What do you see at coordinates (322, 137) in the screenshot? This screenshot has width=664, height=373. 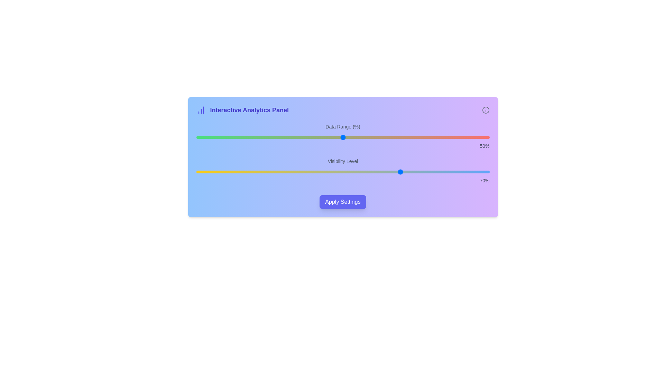 I see `the 'Data Range (%)' slider to 43% value` at bounding box center [322, 137].